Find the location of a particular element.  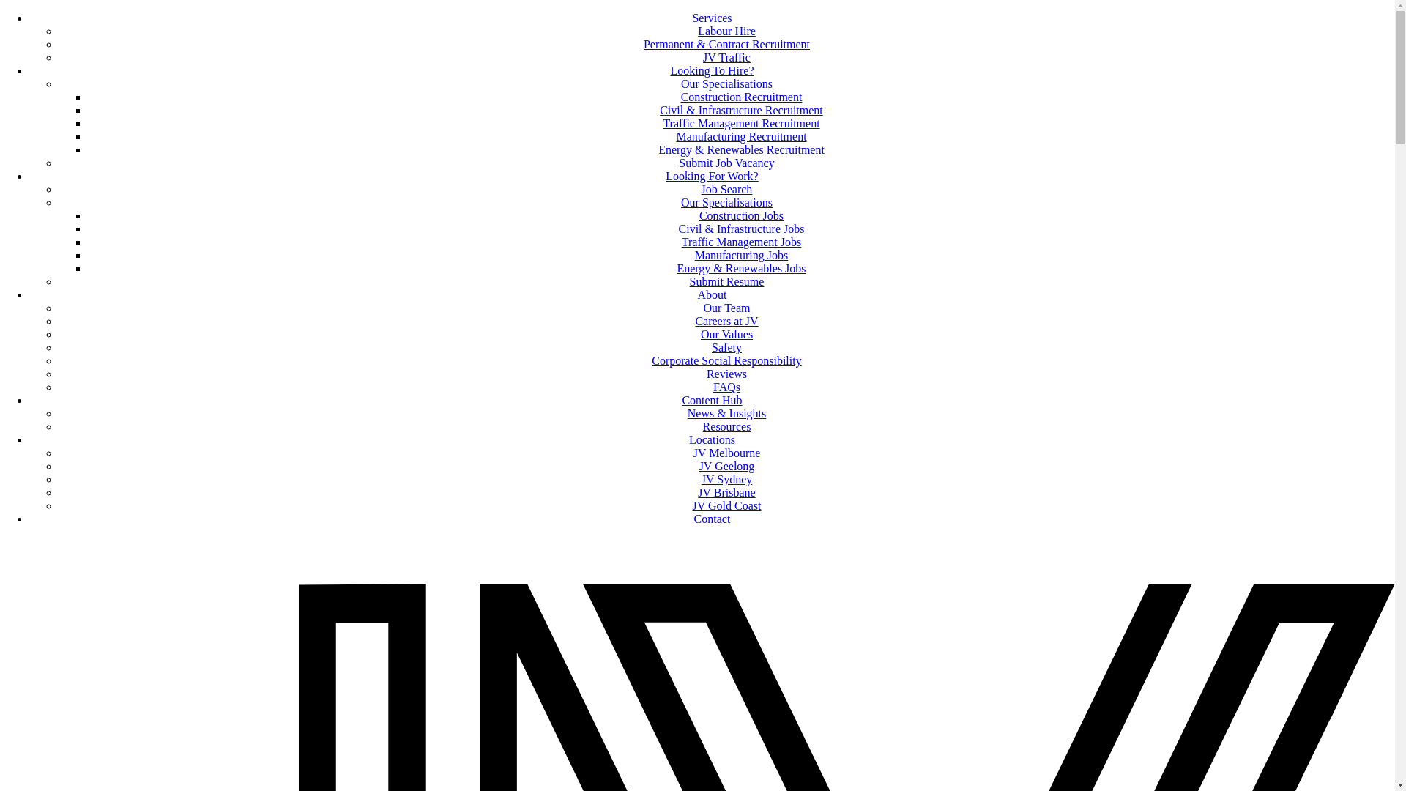

'Civil & Infrastructure Jobs' is located at coordinates (741, 229).